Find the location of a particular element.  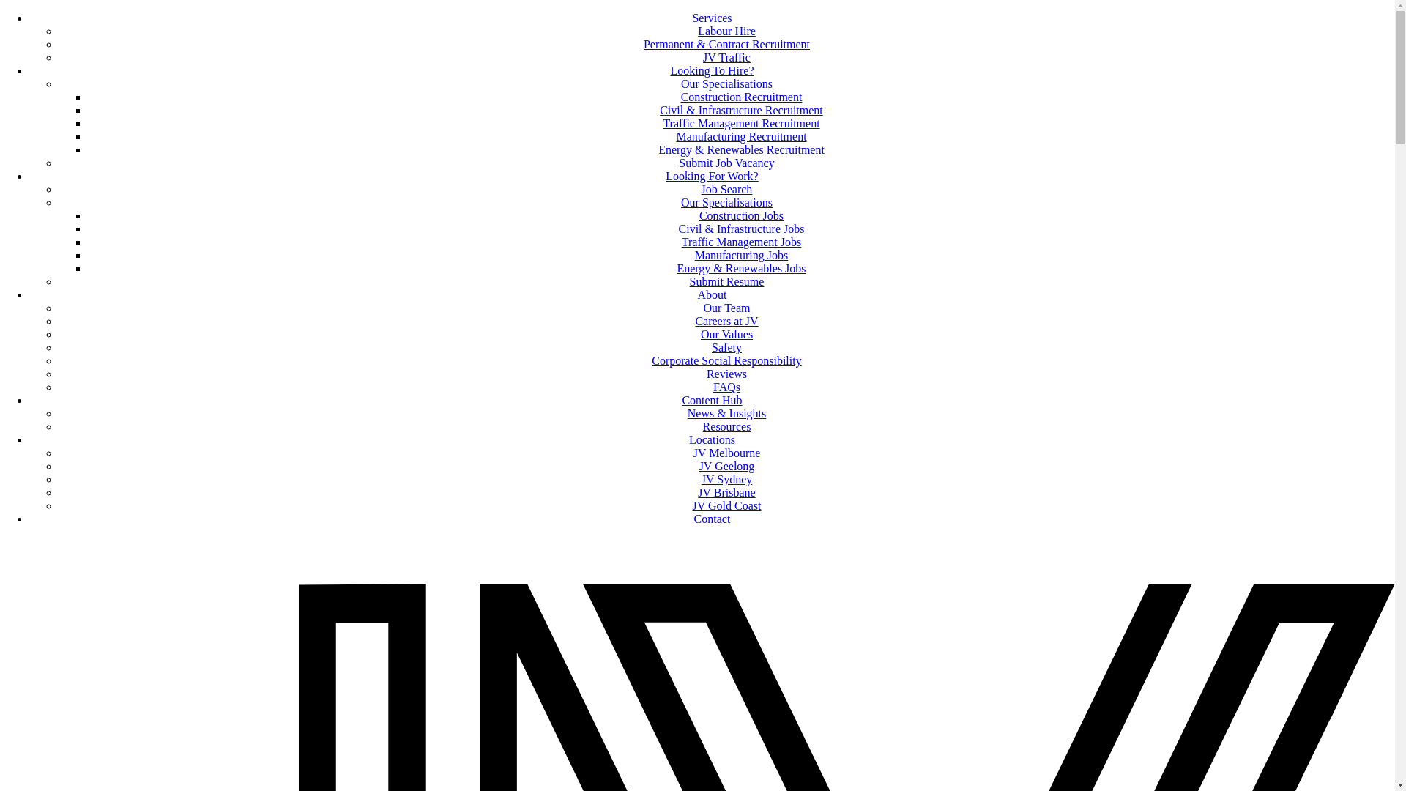

'Civil & Infrastructure Jobs' is located at coordinates (741, 229).